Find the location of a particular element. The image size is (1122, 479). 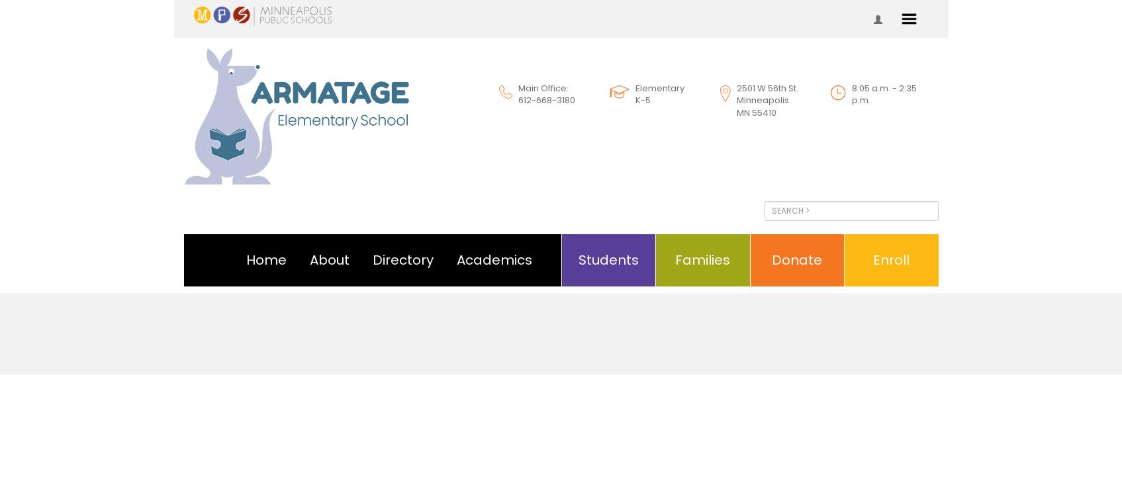

'Donate' is located at coordinates (796, 259).